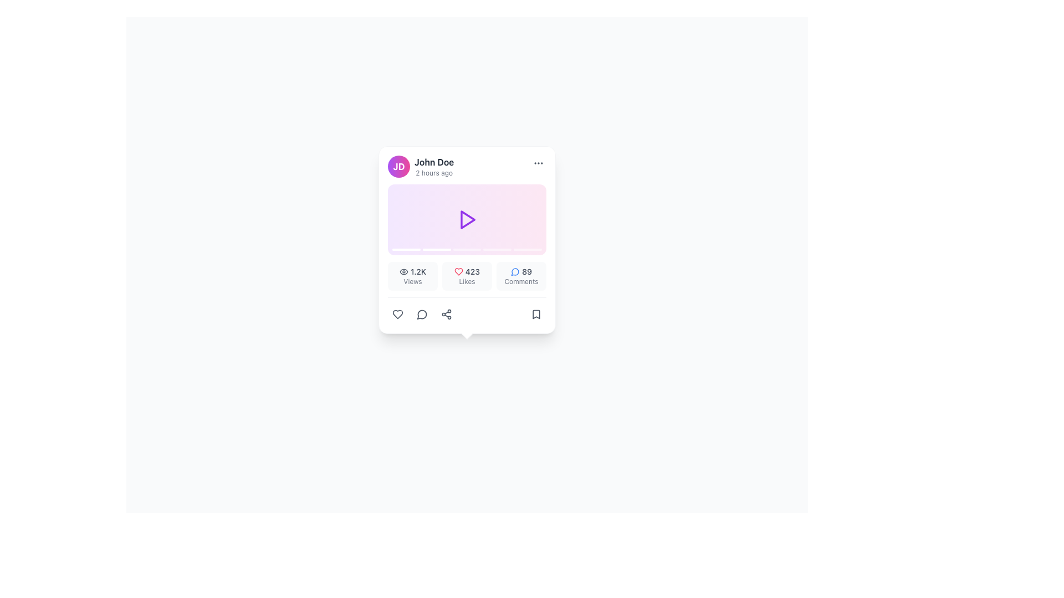  Describe the element at coordinates (398, 314) in the screenshot. I see `the clickable heart icon button located at the bottom-left corner of the card-like UI component` at that location.